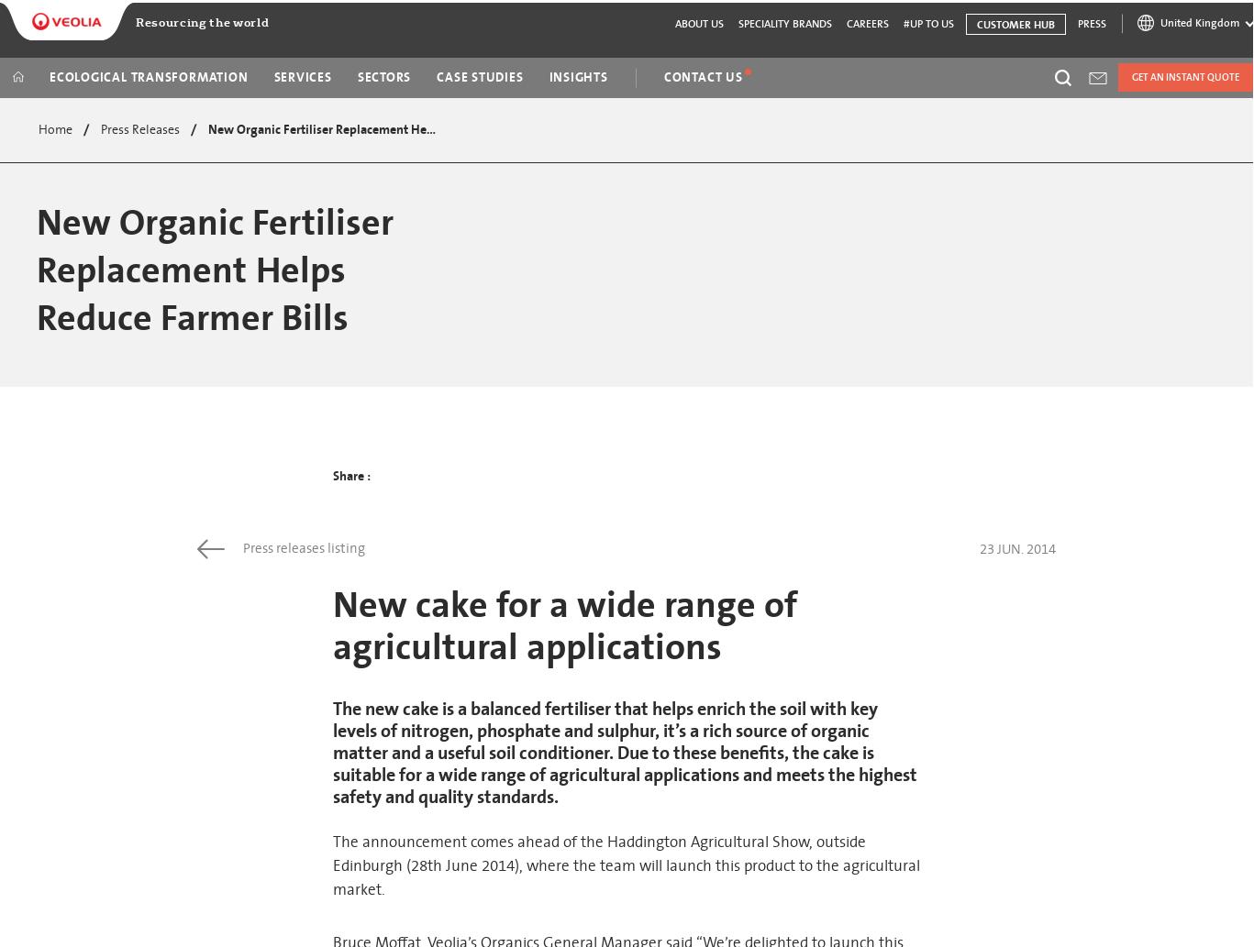 Image resolution: width=1254 pixels, height=947 pixels. Describe the element at coordinates (714, 286) in the screenshot. I see `'Australia and New Zealand'` at that location.